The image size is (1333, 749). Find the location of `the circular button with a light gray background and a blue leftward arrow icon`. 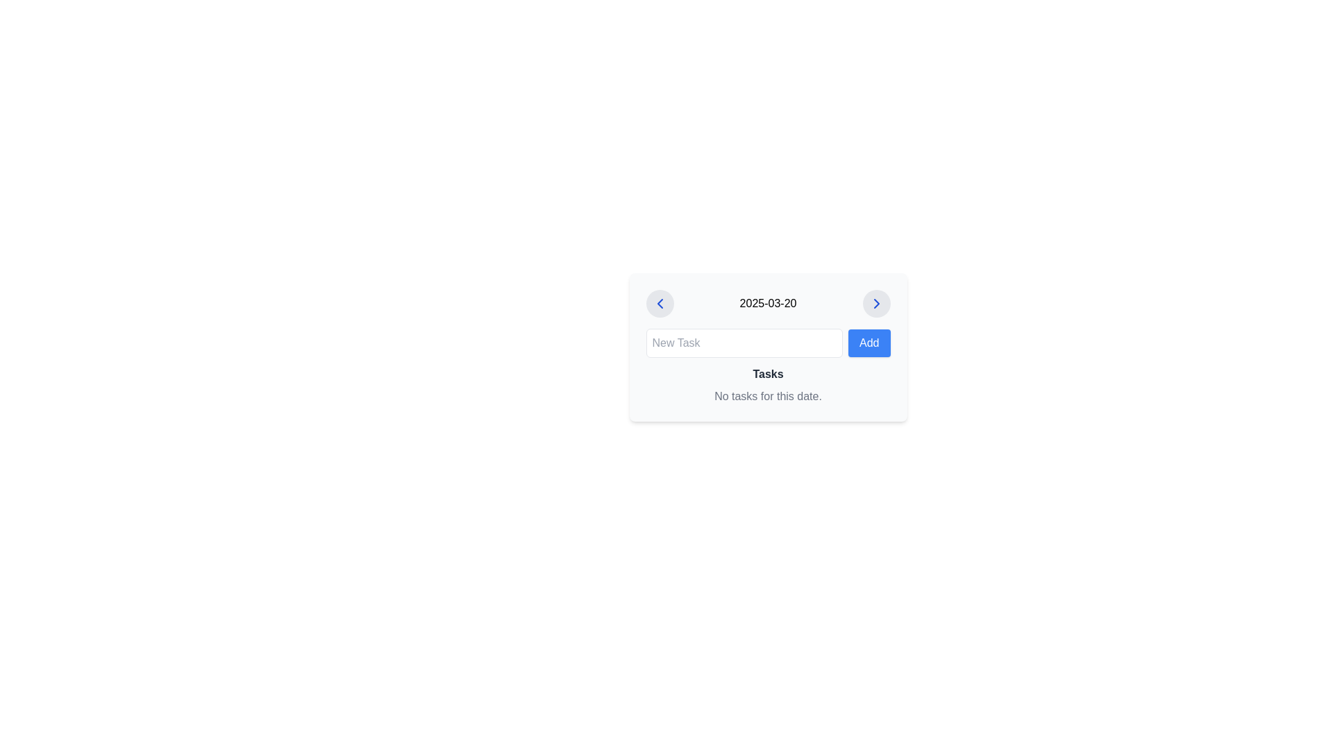

the circular button with a light gray background and a blue leftward arrow icon is located at coordinates (659, 303).